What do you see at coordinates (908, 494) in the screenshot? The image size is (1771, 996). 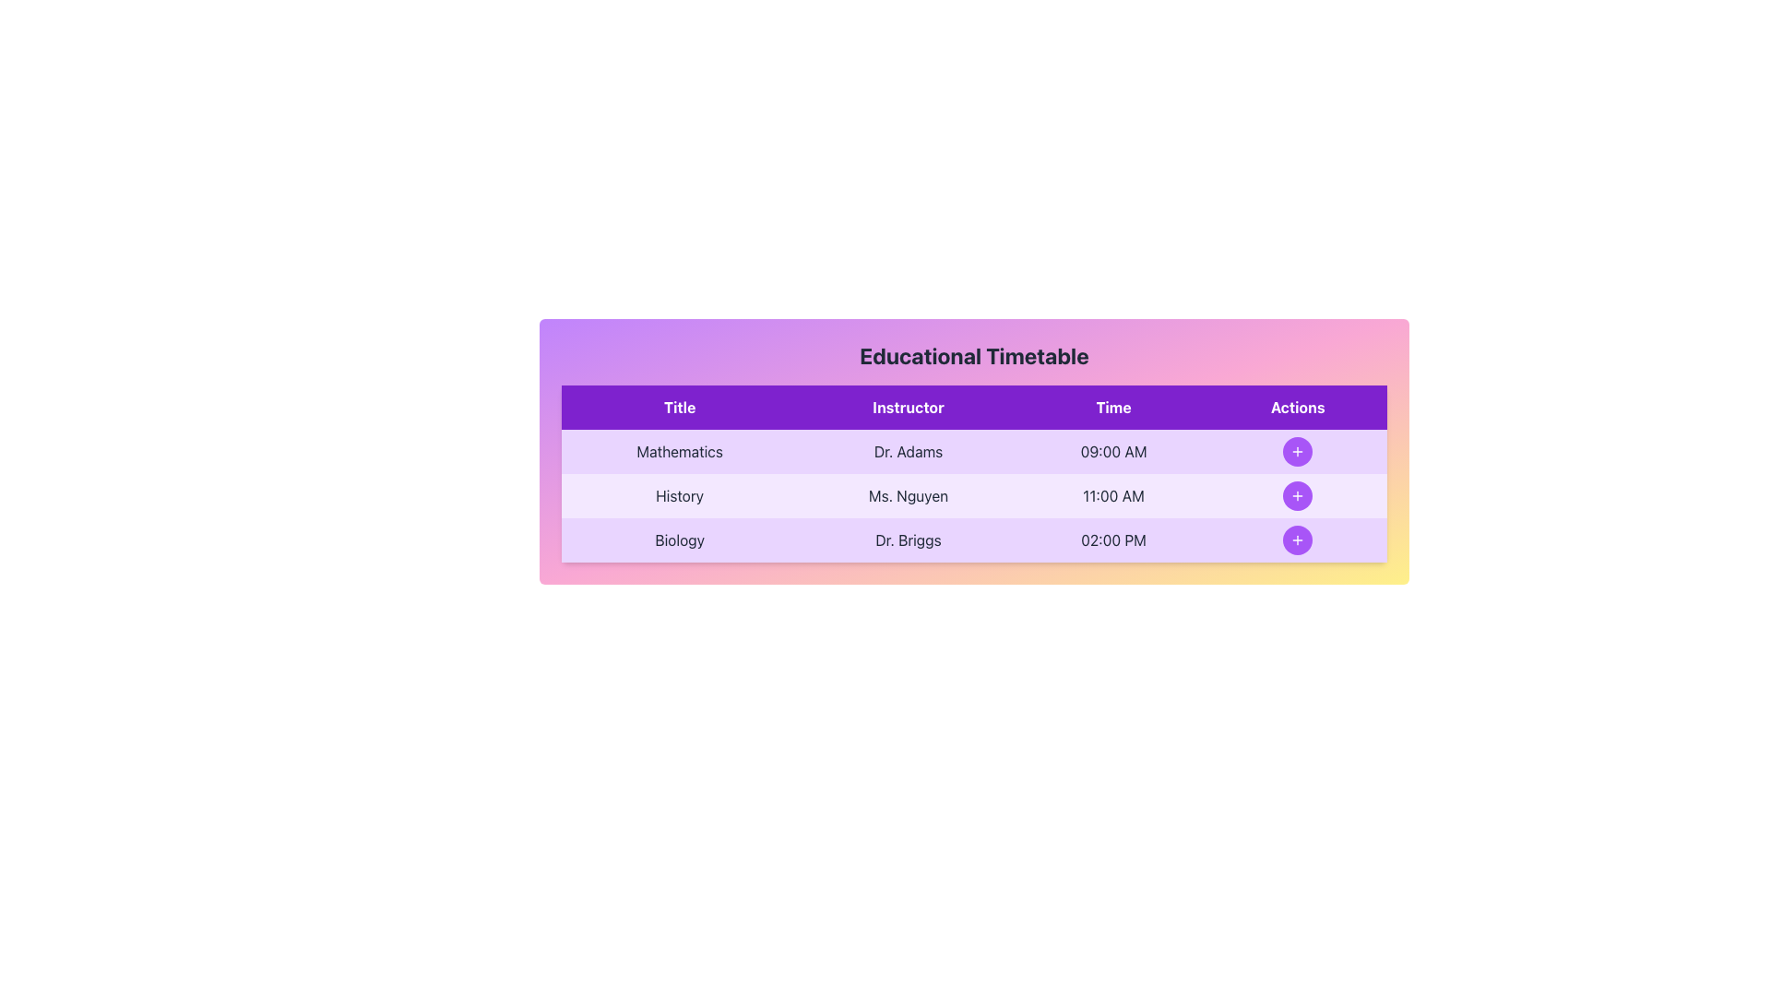 I see `the text label displaying 'Ms. Nguyen' located in the 'Instructor' column of the Educational Timetable, which is situated on a faint purple background` at bounding box center [908, 494].